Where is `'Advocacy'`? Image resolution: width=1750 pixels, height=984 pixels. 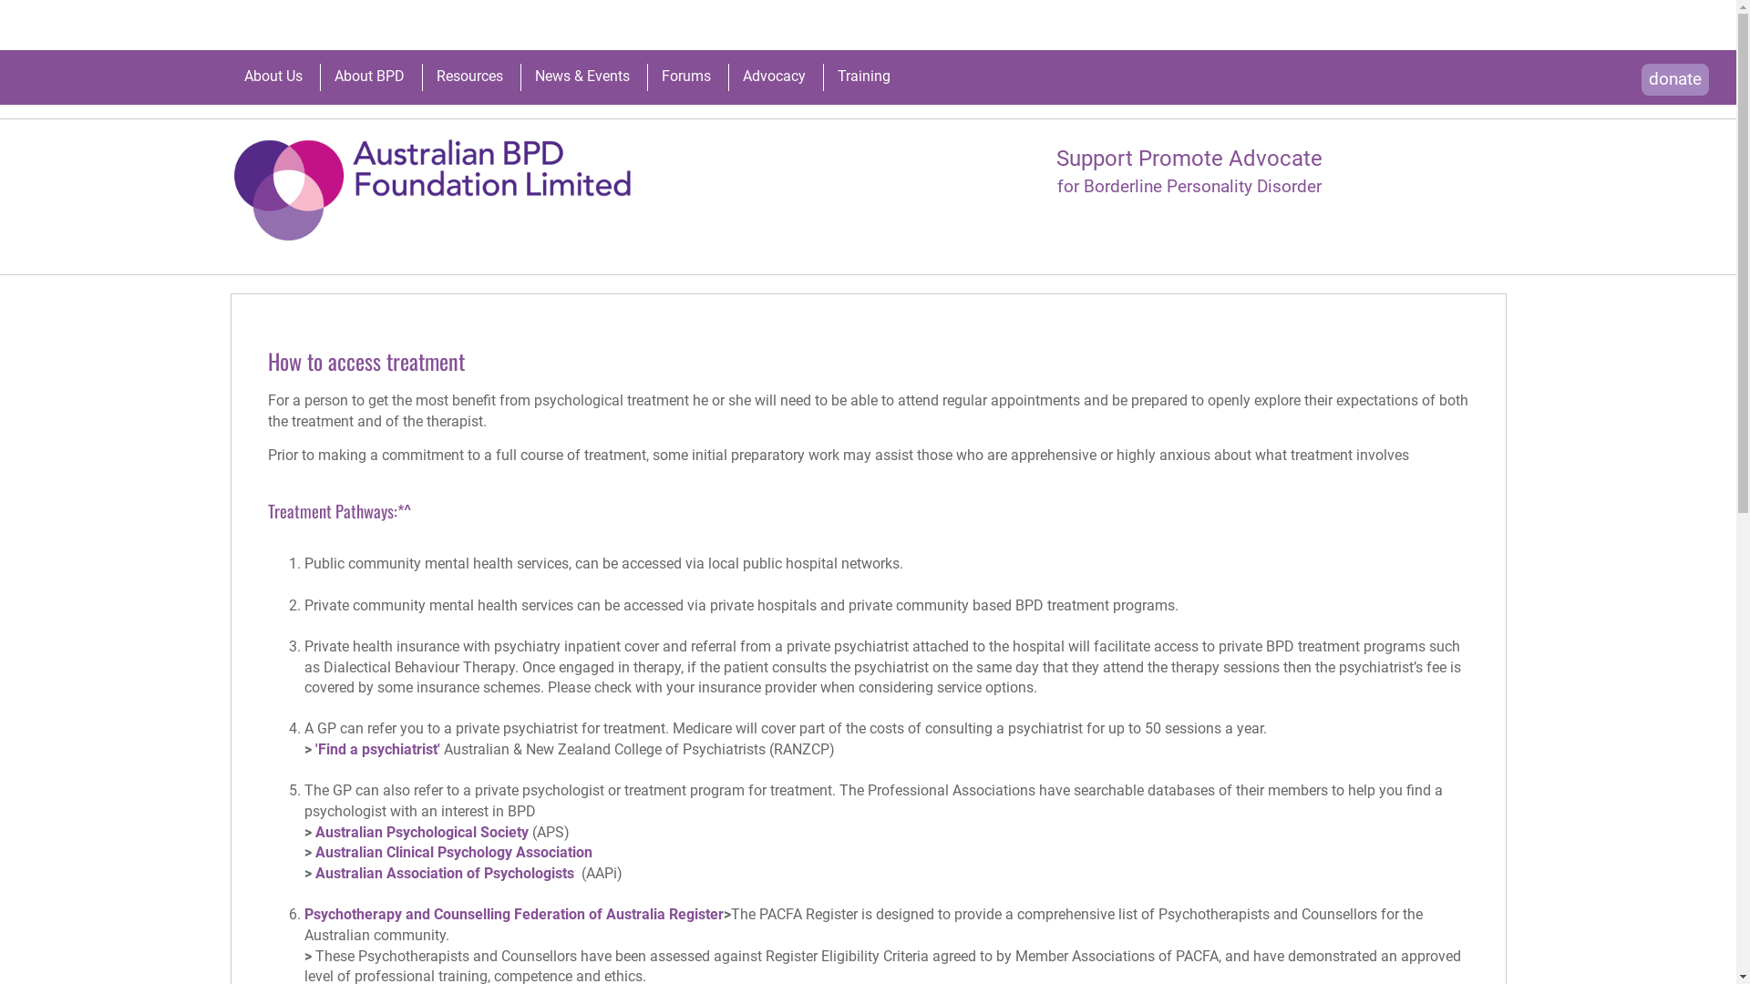
'Advocacy' is located at coordinates (773, 76).